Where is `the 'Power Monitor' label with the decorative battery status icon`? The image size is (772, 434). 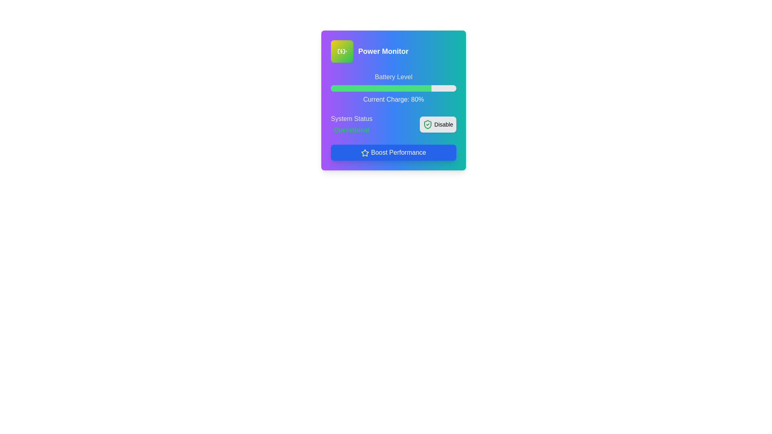 the 'Power Monitor' label with the decorative battery status icon is located at coordinates (394, 51).